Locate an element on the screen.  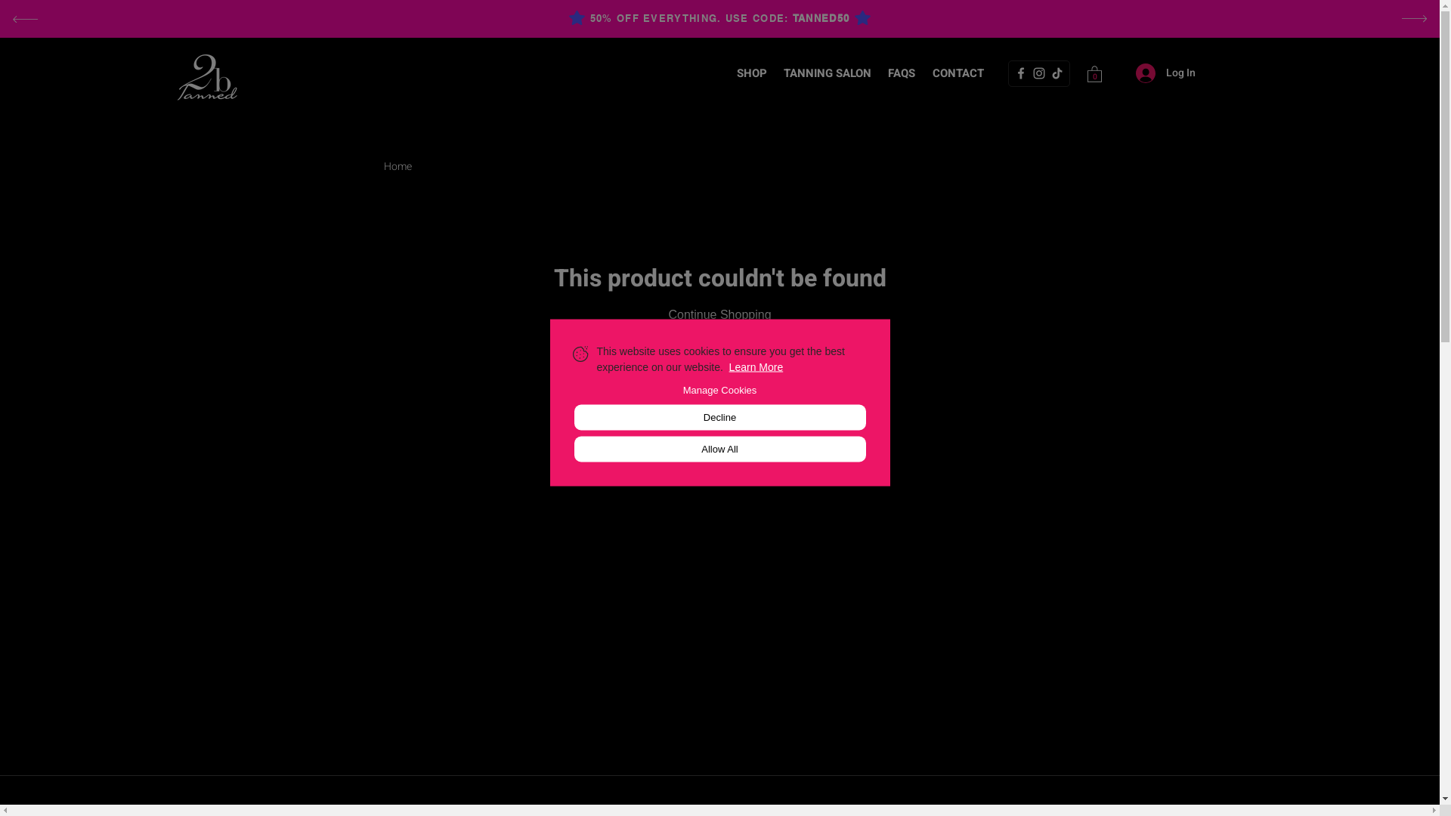
'FAQS' is located at coordinates (902, 73).